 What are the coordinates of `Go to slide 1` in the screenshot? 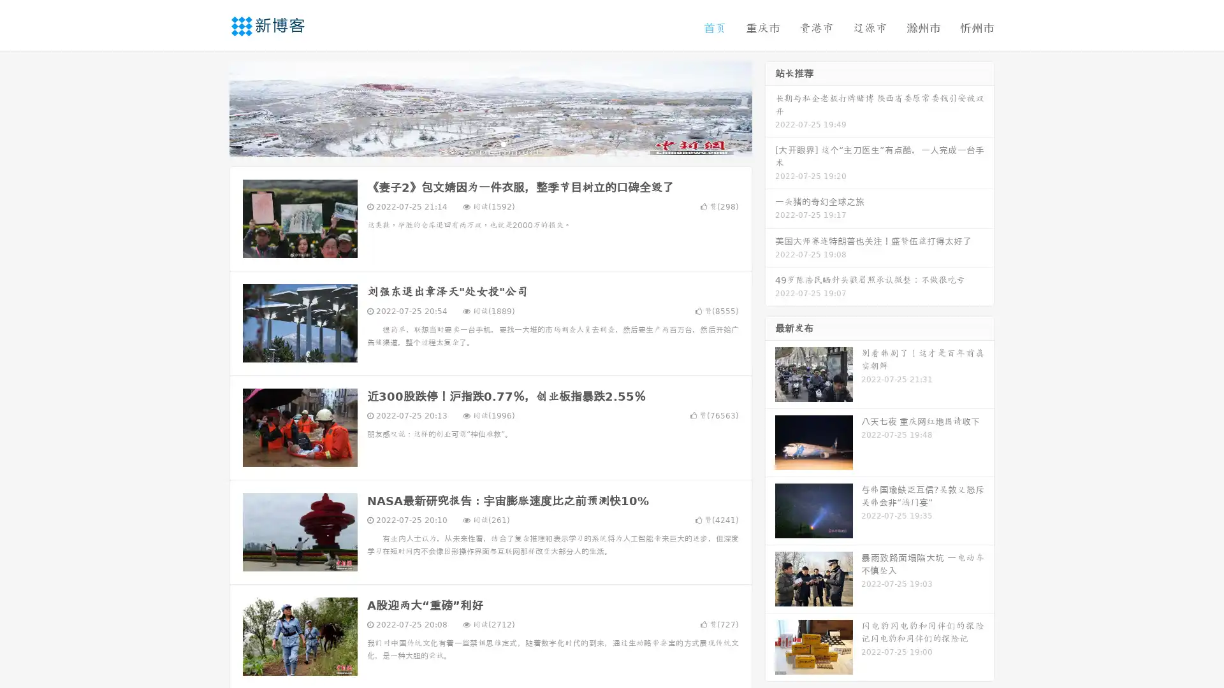 It's located at (477, 143).